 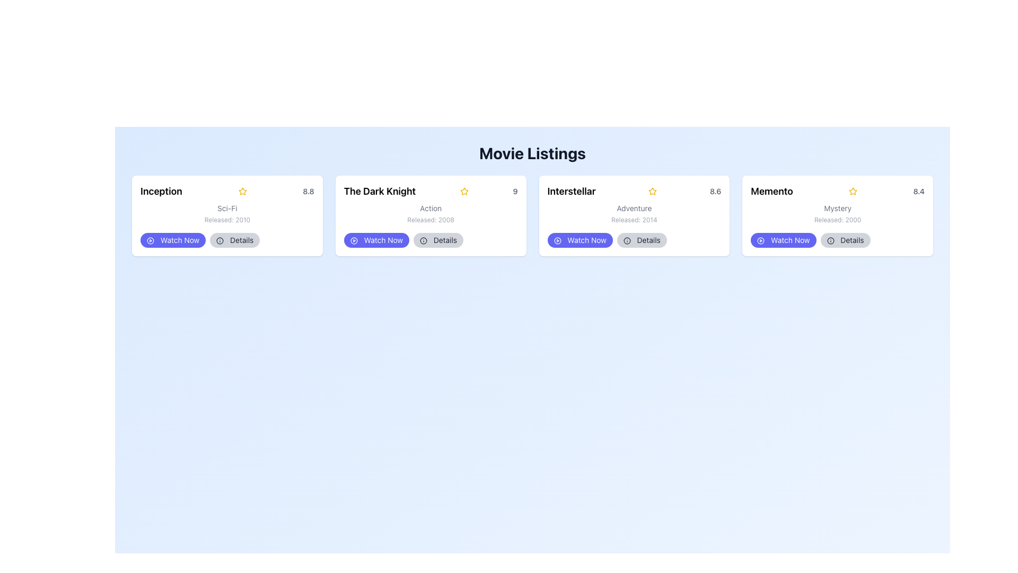 What do you see at coordinates (845, 240) in the screenshot?
I see `the 'Details' button, which is the second button in the card for the movie 'Memento', located to the right of the 'Watch Now' button, featuring a gray background and dark gray text` at bounding box center [845, 240].